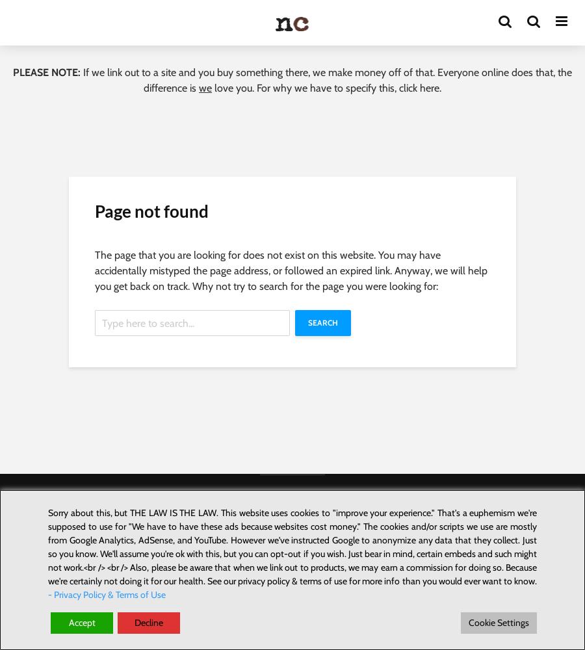 This screenshot has height=650, width=585. What do you see at coordinates (304, 88) in the screenshot?
I see `'love you. For why we have to specify this,'` at bounding box center [304, 88].